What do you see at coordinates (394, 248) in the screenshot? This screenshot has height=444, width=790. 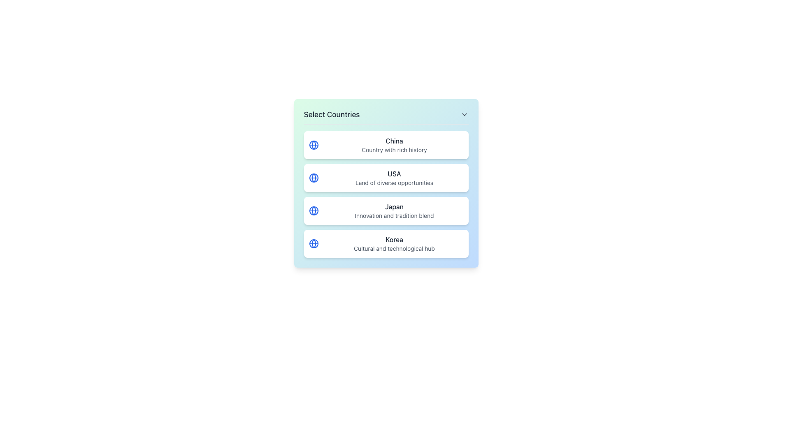 I see `text label displaying 'Cultural and technological hub' located beneath 'Korea' in the structured list of countries` at bounding box center [394, 248].